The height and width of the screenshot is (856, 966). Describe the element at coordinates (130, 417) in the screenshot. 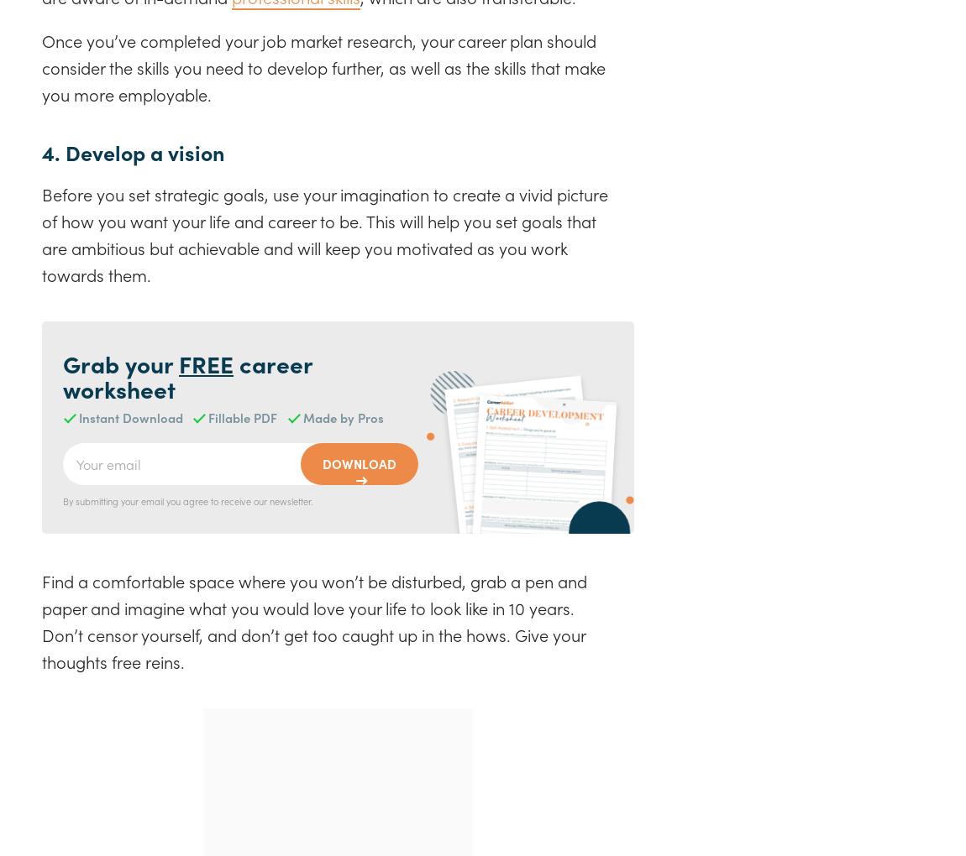

I see `'Instant Download'` at that location.